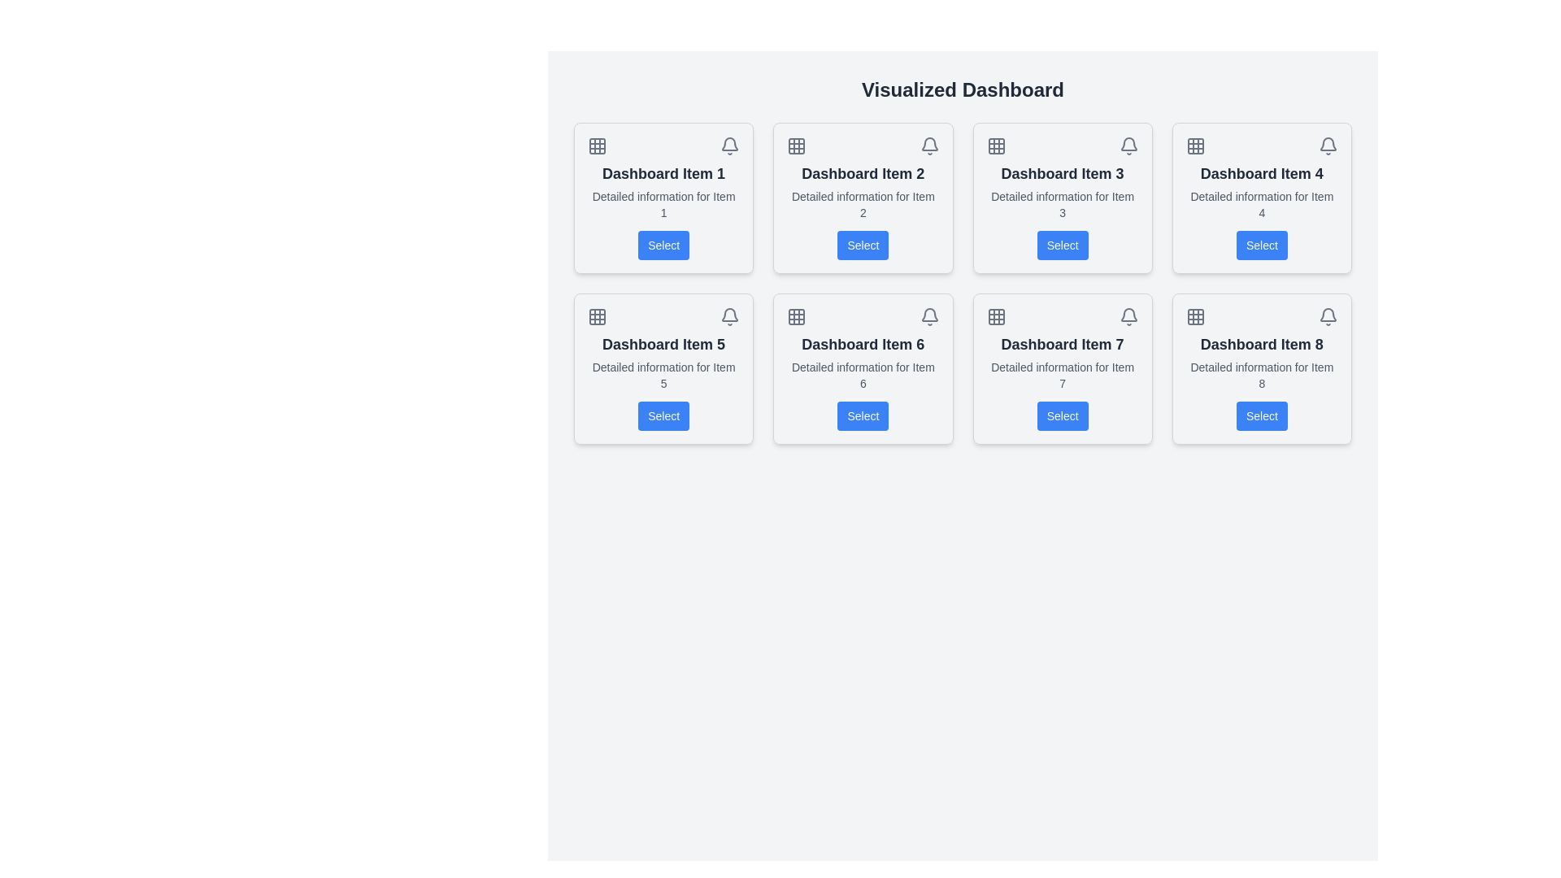 The image size is (1561, 878). Describe the element at coordinates (1127, 314) in the screenshot. I see `the notification indicator icon located in the top-right corner of the 'Dashboard Item 7' card to interact with it` at that location.